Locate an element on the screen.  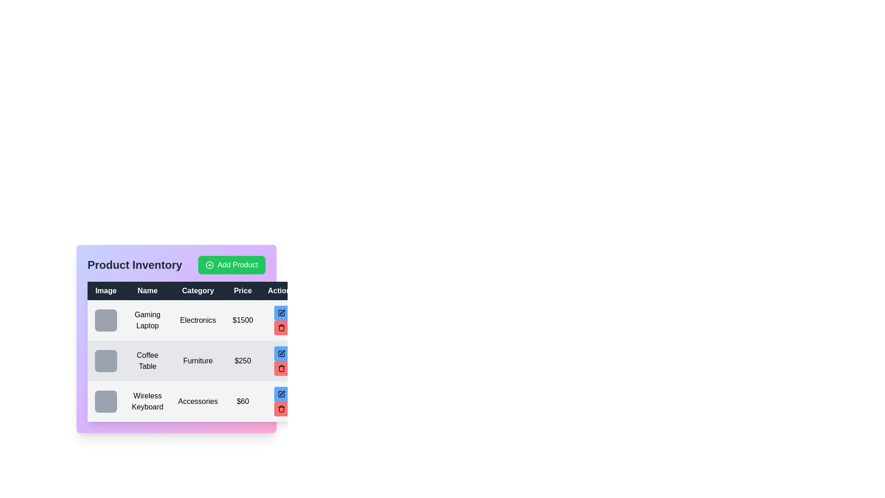
the blue button with a pen icon in the 'Actions' column of the first row of the 'Product Inventory' table is located at coordinates (281, 312).